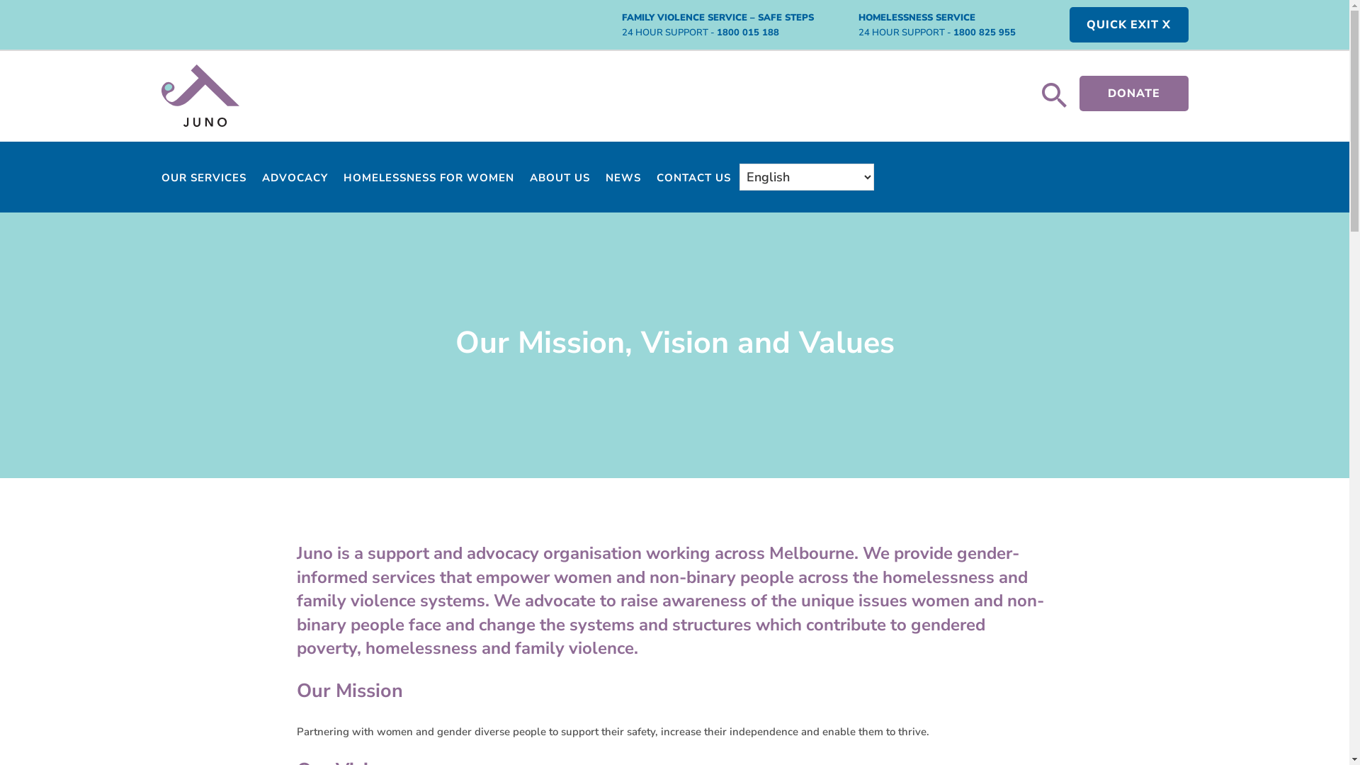  What do you see at coordinates (0, 0) in the screenshot?
I see `'Skip to primary navigation'` at bounding box center [0, 0].